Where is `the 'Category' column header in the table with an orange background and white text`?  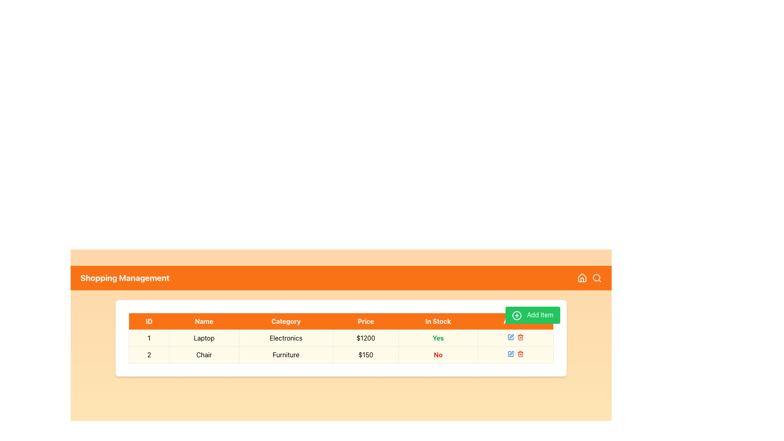
the 'Category' column header in the table with an orange background and white text is located at coordinates (286, 321).